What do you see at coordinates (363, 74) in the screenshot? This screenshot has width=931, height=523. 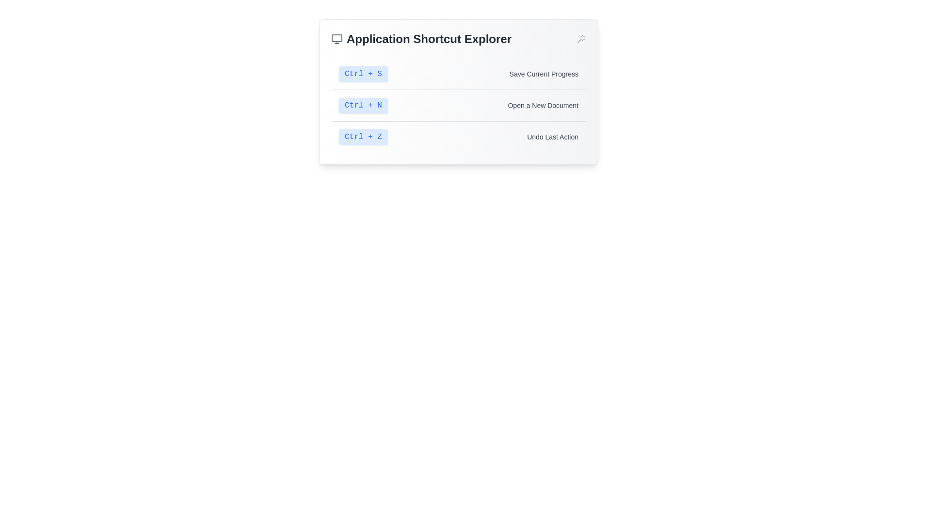 I see `the Button-like text label that visually represents the 'Ctrl + S' shortcut for saving progress, which is the first item in the list and aligns with the descriptive text 'Save Current Progress'` at bounding box center [363, 74].